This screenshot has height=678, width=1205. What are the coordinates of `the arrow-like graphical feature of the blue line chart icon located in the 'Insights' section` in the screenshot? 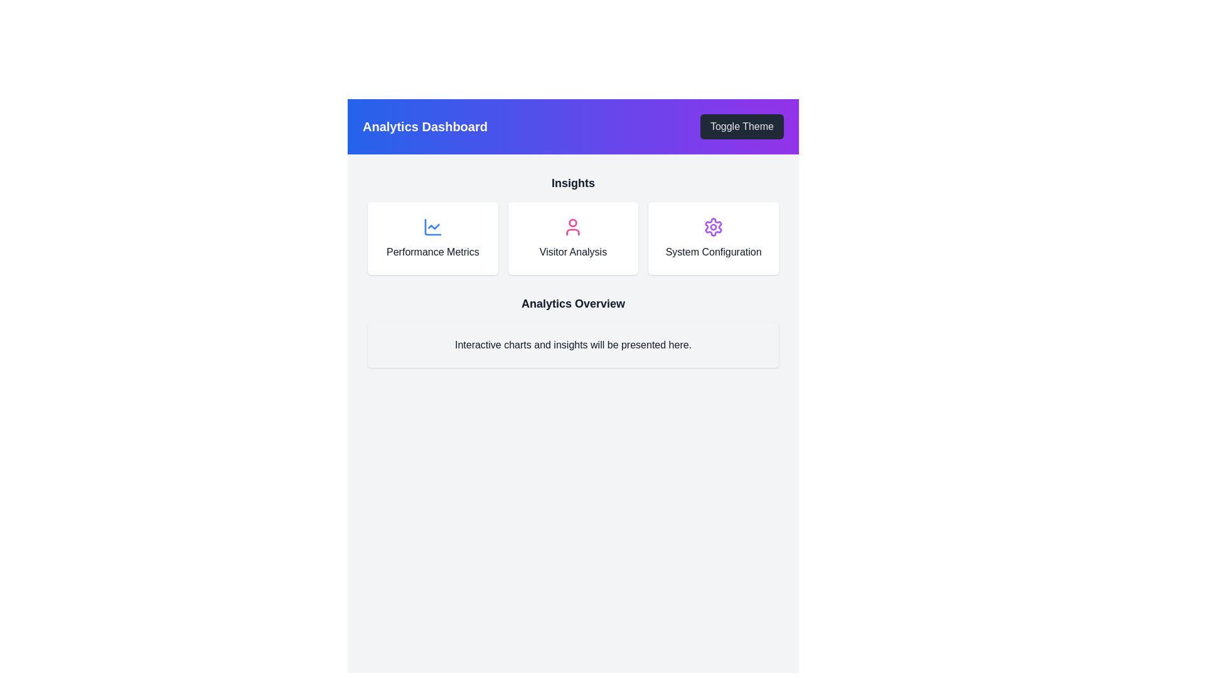 It's located at (434, 227).